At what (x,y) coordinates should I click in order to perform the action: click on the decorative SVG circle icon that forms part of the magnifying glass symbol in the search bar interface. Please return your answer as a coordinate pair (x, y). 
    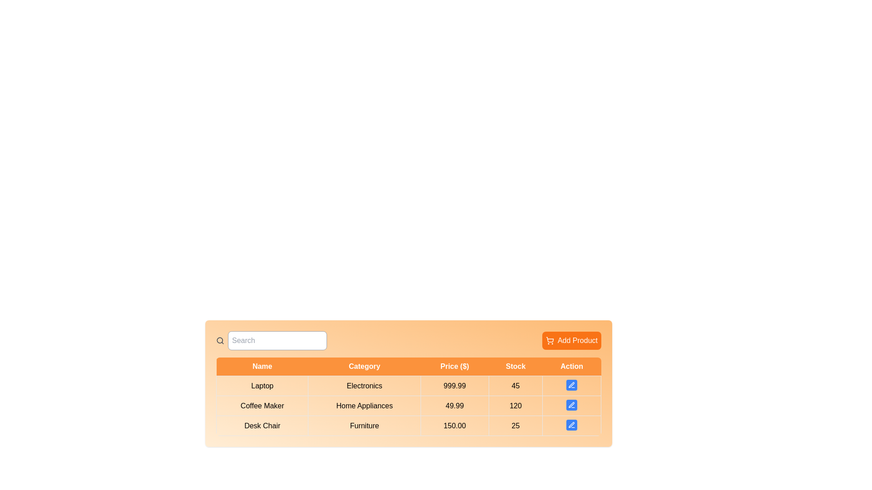
    Looking at the image, I should click on (220, 340).